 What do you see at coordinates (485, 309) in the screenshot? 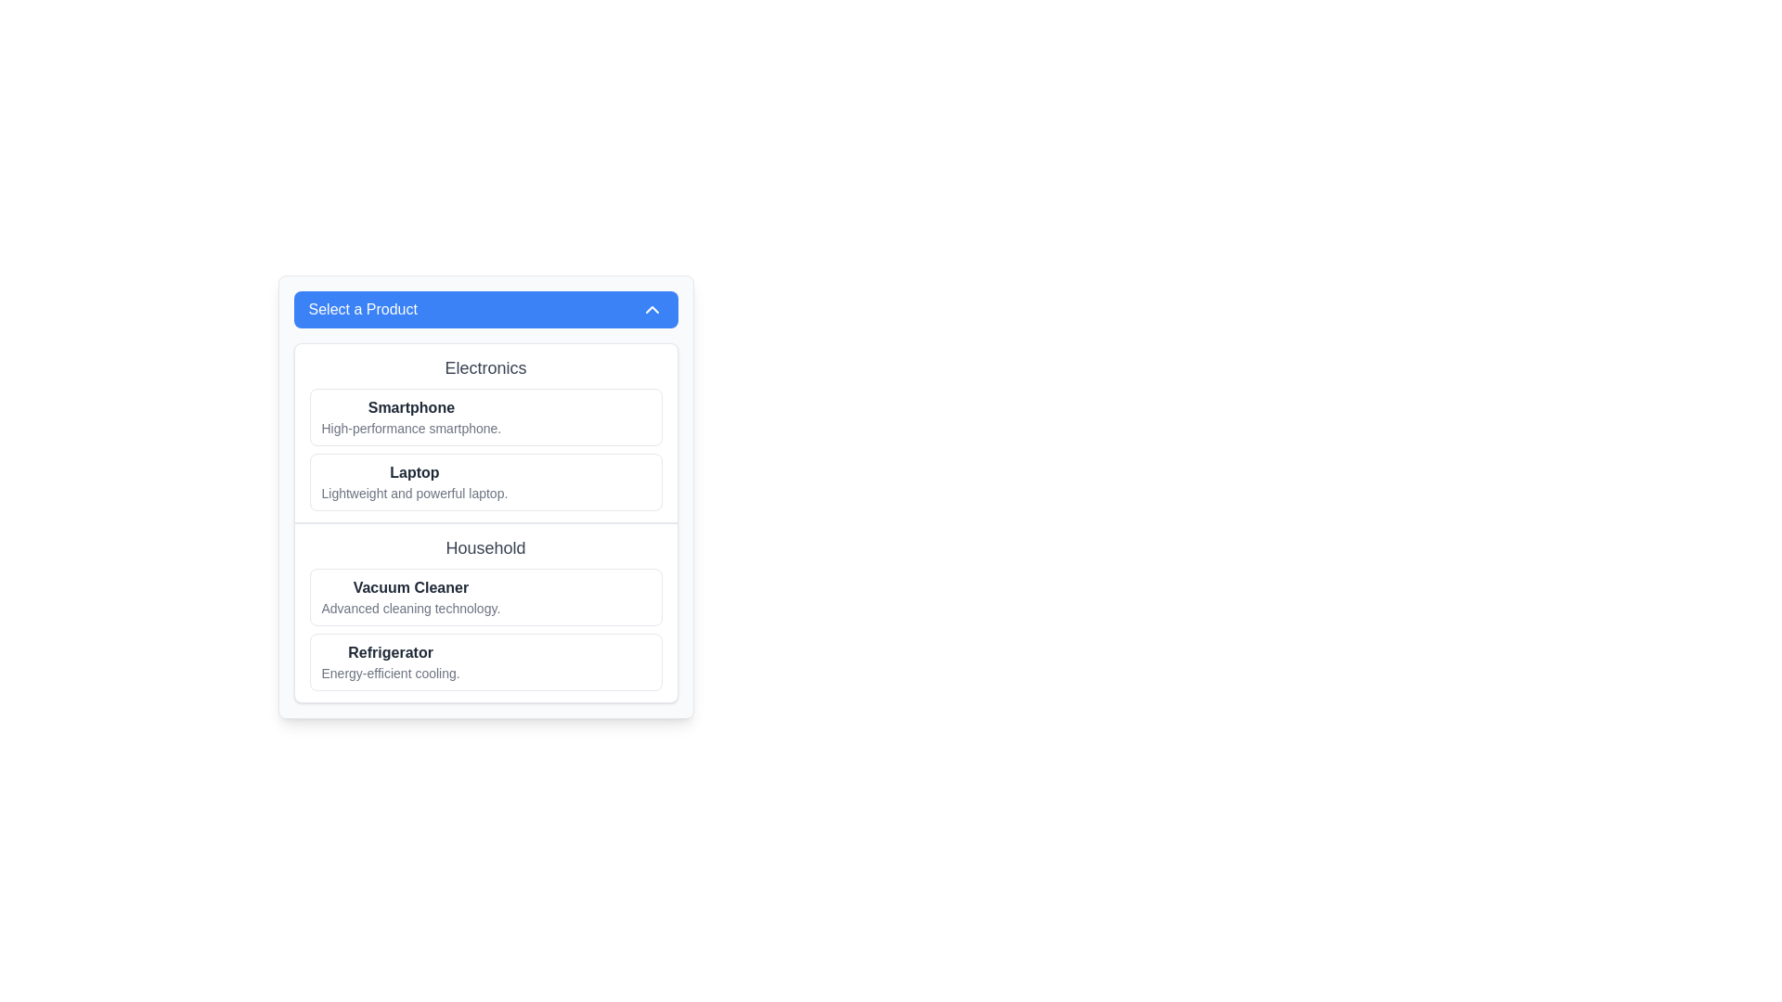
I see `the Dropdown toggle button labeled 'Select a Product' which has a light blue background and rounded corners, located at the top of the panel` at bounding box center [485, 309].